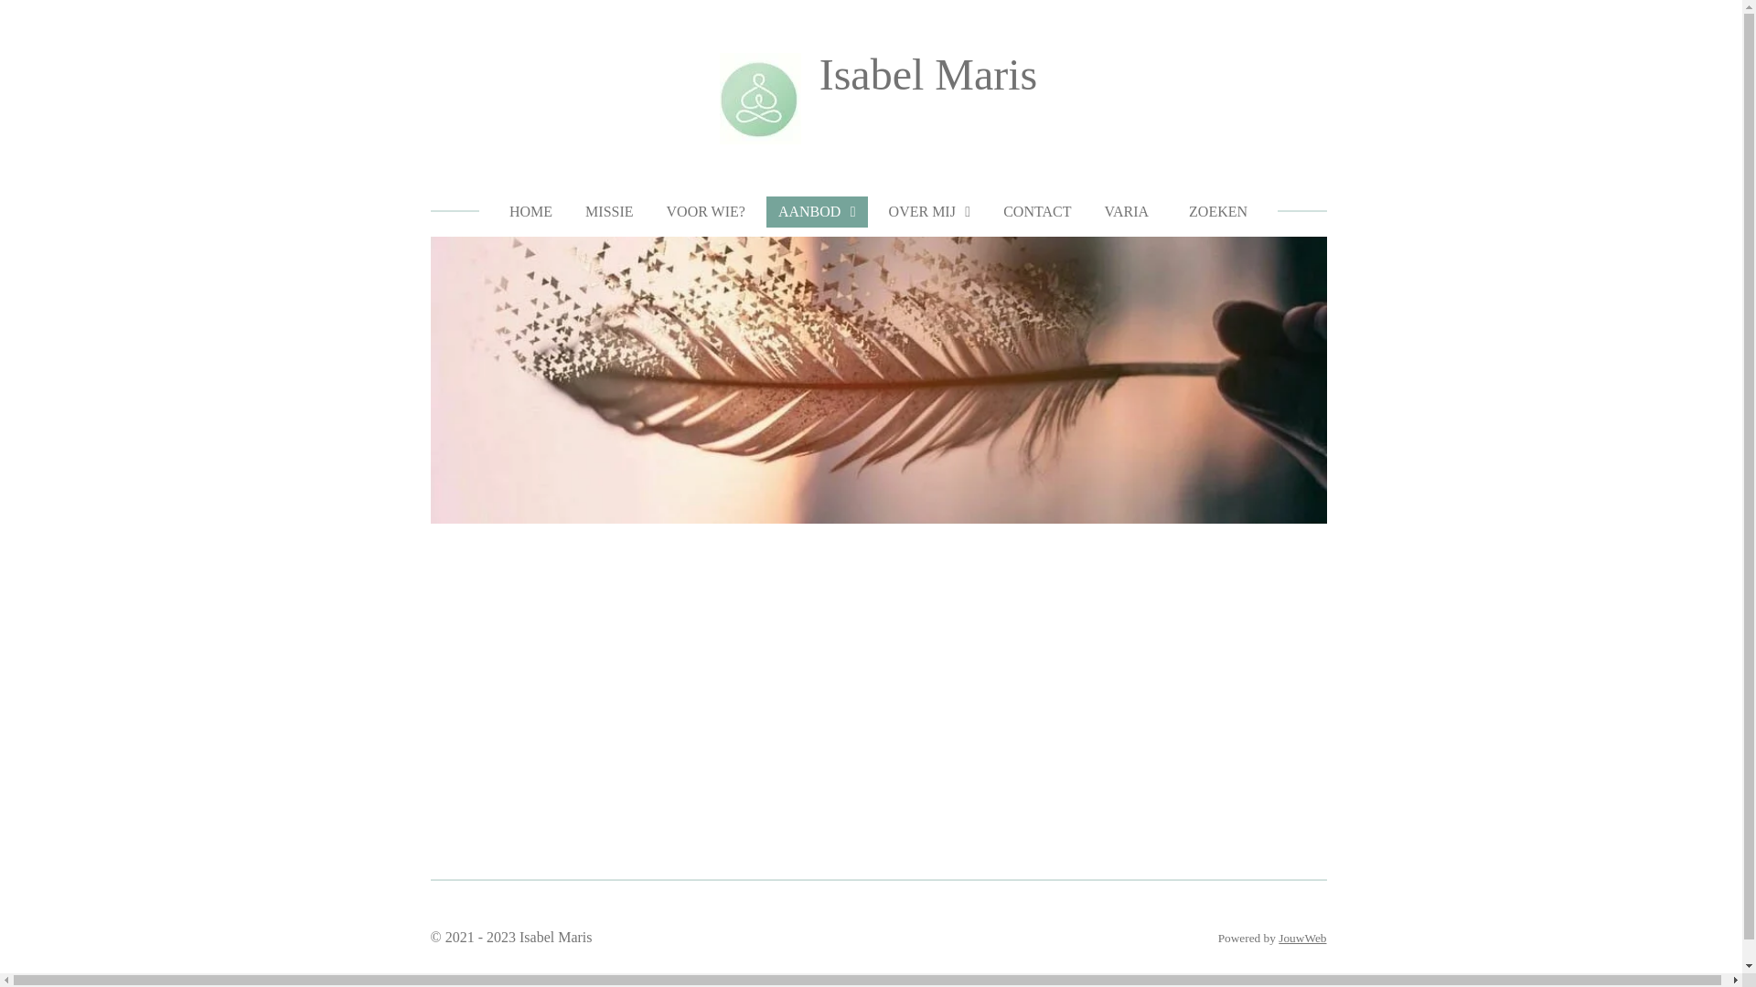  What do you see at coordinates (930, 210) in the screenshot?
I see `'OVER MIJ'` at bounding box center [930, 210].